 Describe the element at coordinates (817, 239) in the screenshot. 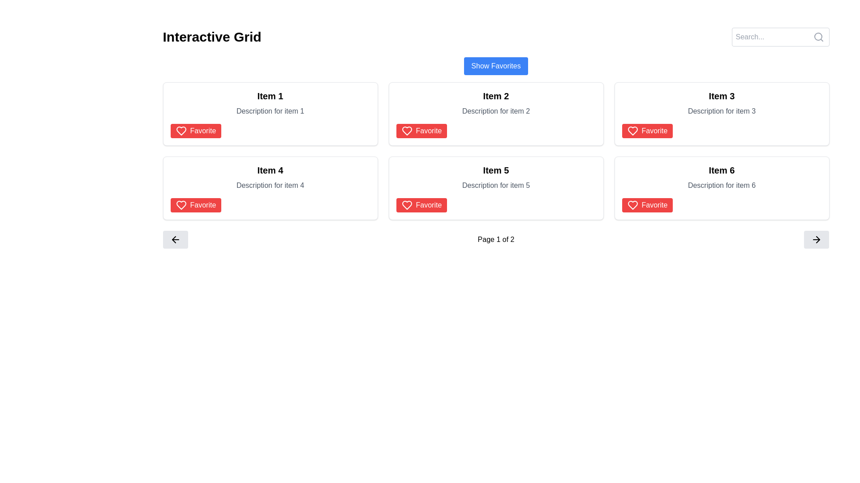

I see `the pagination IconButton located in the bottom-right corner of the interface for keyboard navigation` at that location.